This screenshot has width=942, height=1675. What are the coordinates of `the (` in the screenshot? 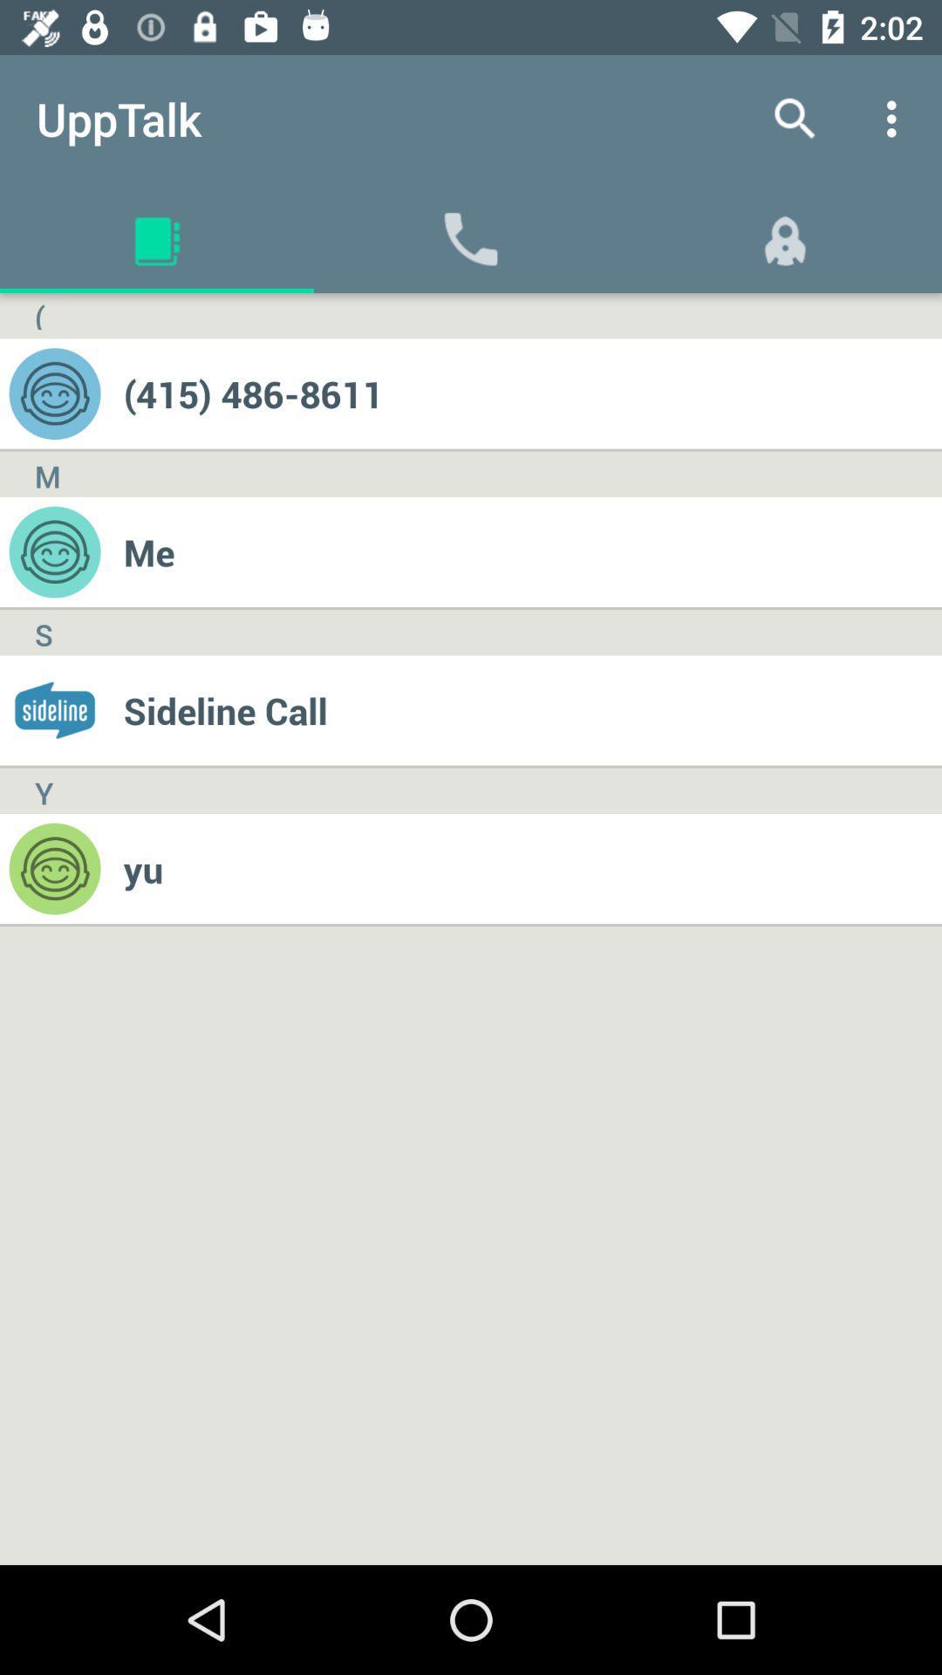 It's located at (39, 316).